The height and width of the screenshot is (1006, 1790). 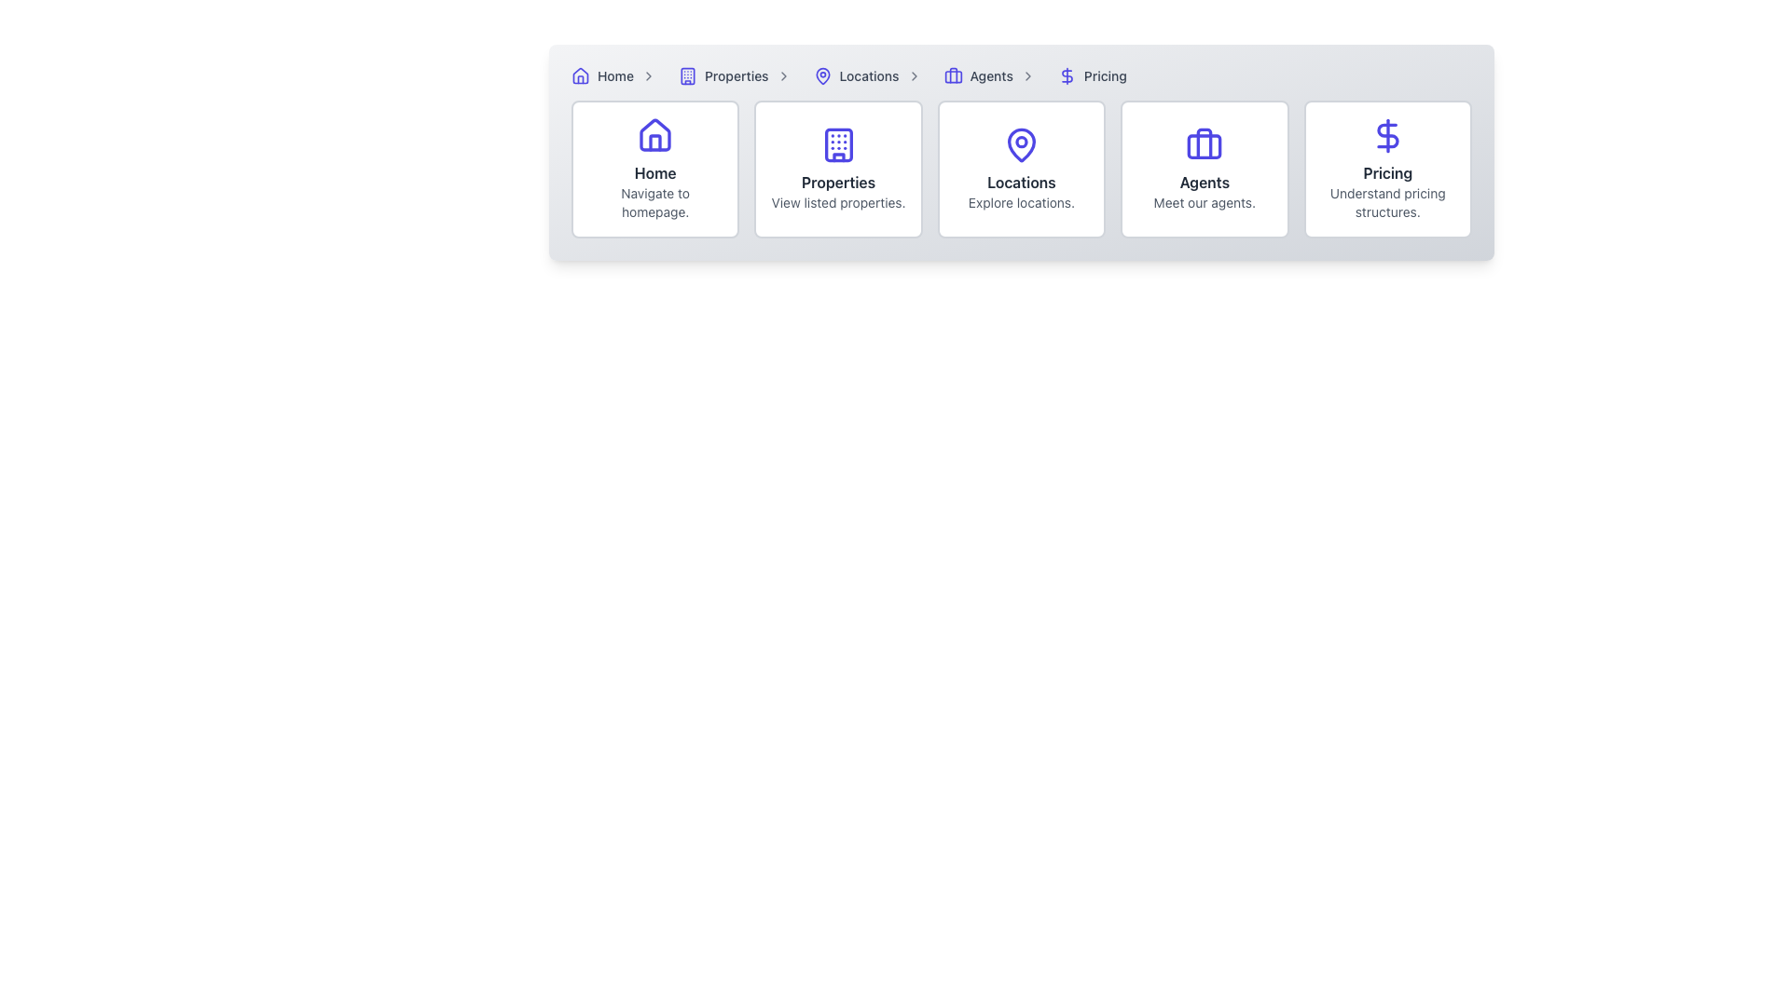 What do you see at coordinates (837, 143) in the screenshot?
I see `the 'Properties' icon located at the center of the navigation bar, which serves as a visual representation for the properties section and guides users to the properties functionality` at bounding box center [837, 143].